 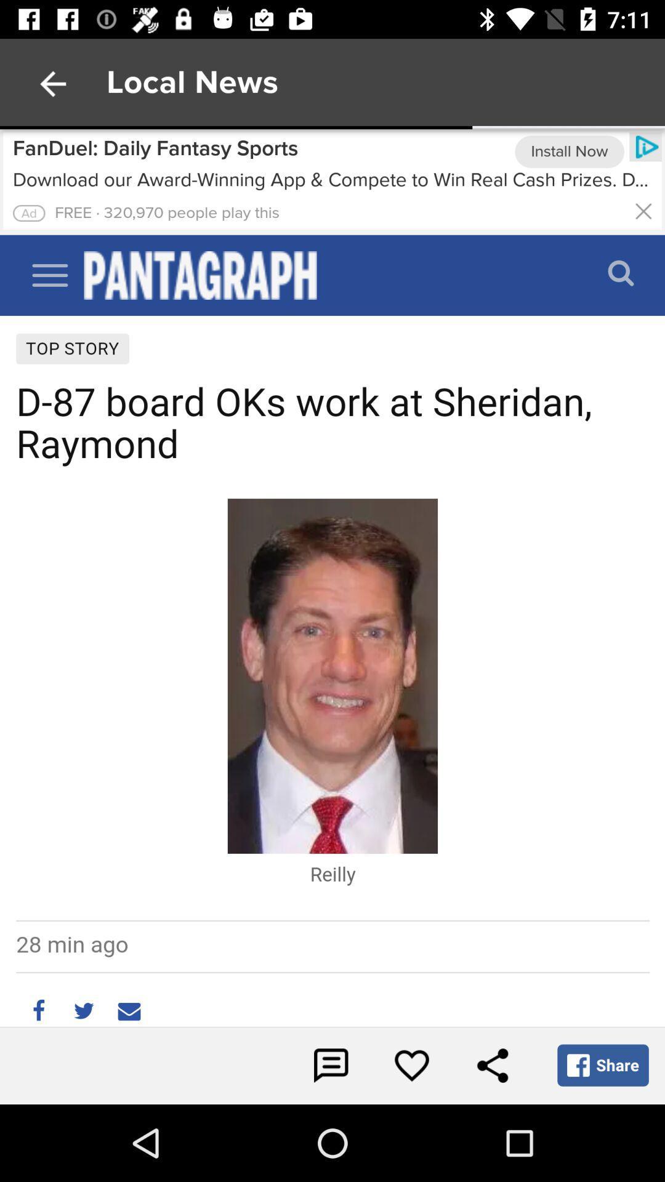 What do you see at coordinates (28, 213) in the screenshot?
I see `clicks the advertisement` at bounding box center [28, 213].